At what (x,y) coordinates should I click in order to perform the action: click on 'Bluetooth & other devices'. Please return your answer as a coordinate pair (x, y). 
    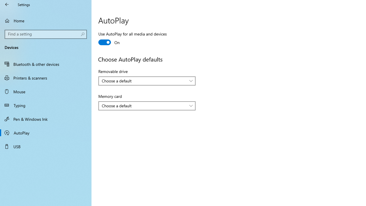
    Looking at the image, I should click on (46, 64).